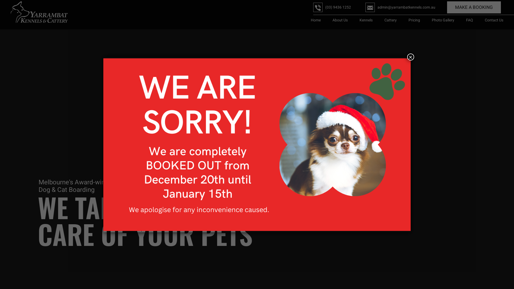 This screenshot has width=514, height=289. What do you see at coordinates (332, 20) in the screenshot?
I see `'About Us'` at bounding box center [332, 20].